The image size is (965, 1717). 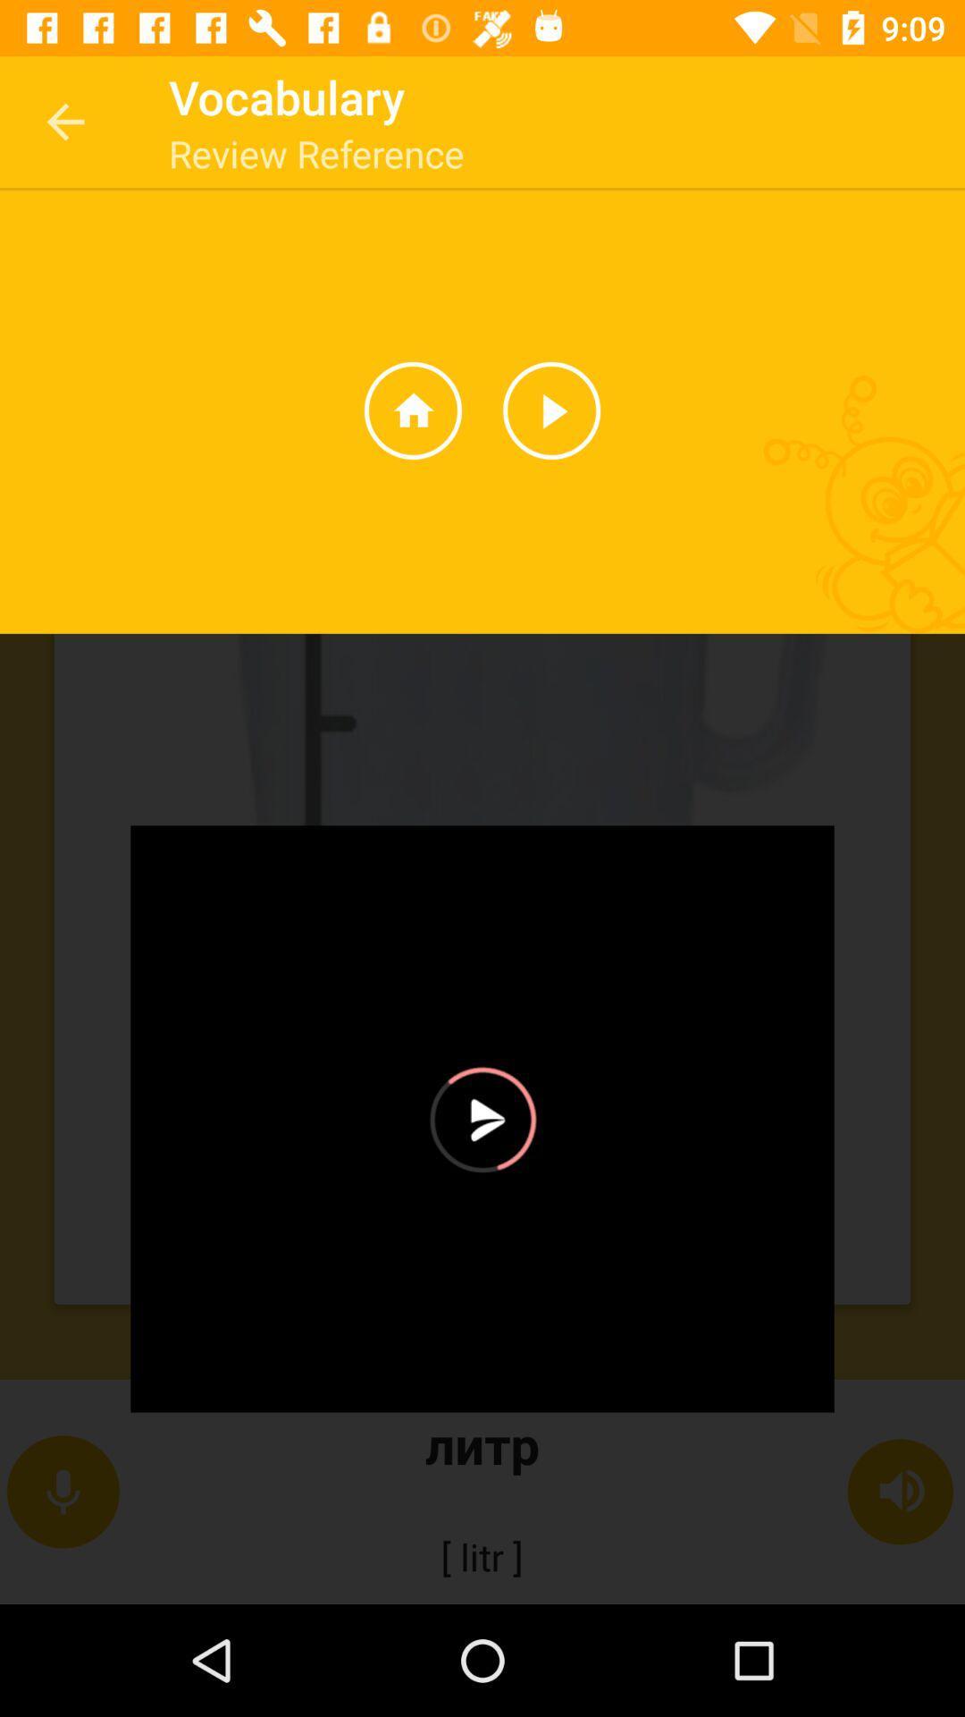 What do you see at coordinates (413, 410) in the screenshot?
I see `the home icon` at bounding box center [413, 410].